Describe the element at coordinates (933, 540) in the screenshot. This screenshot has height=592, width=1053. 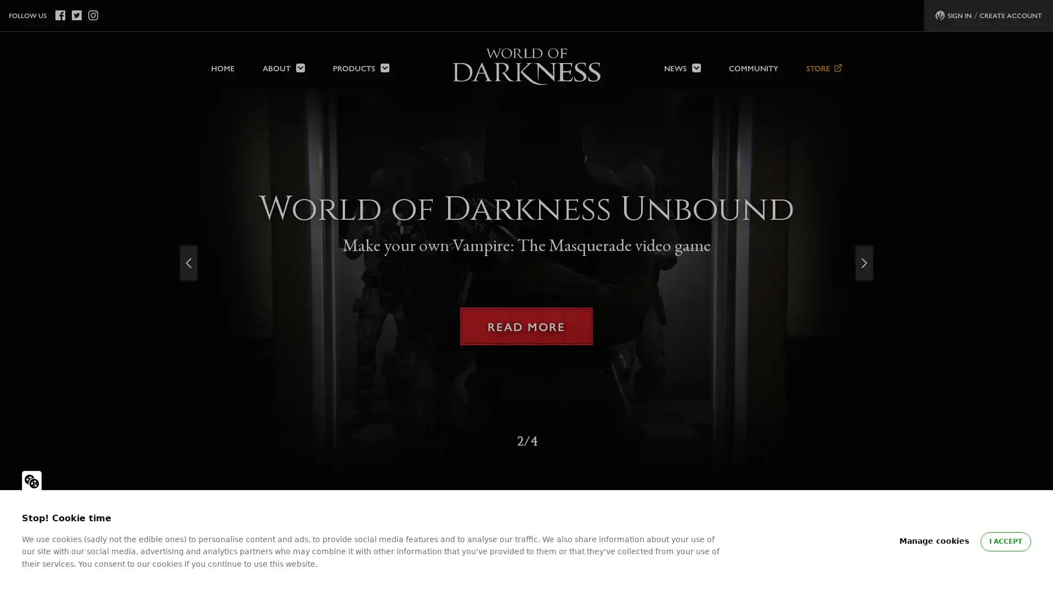
I see `Manage cookies` at that location.